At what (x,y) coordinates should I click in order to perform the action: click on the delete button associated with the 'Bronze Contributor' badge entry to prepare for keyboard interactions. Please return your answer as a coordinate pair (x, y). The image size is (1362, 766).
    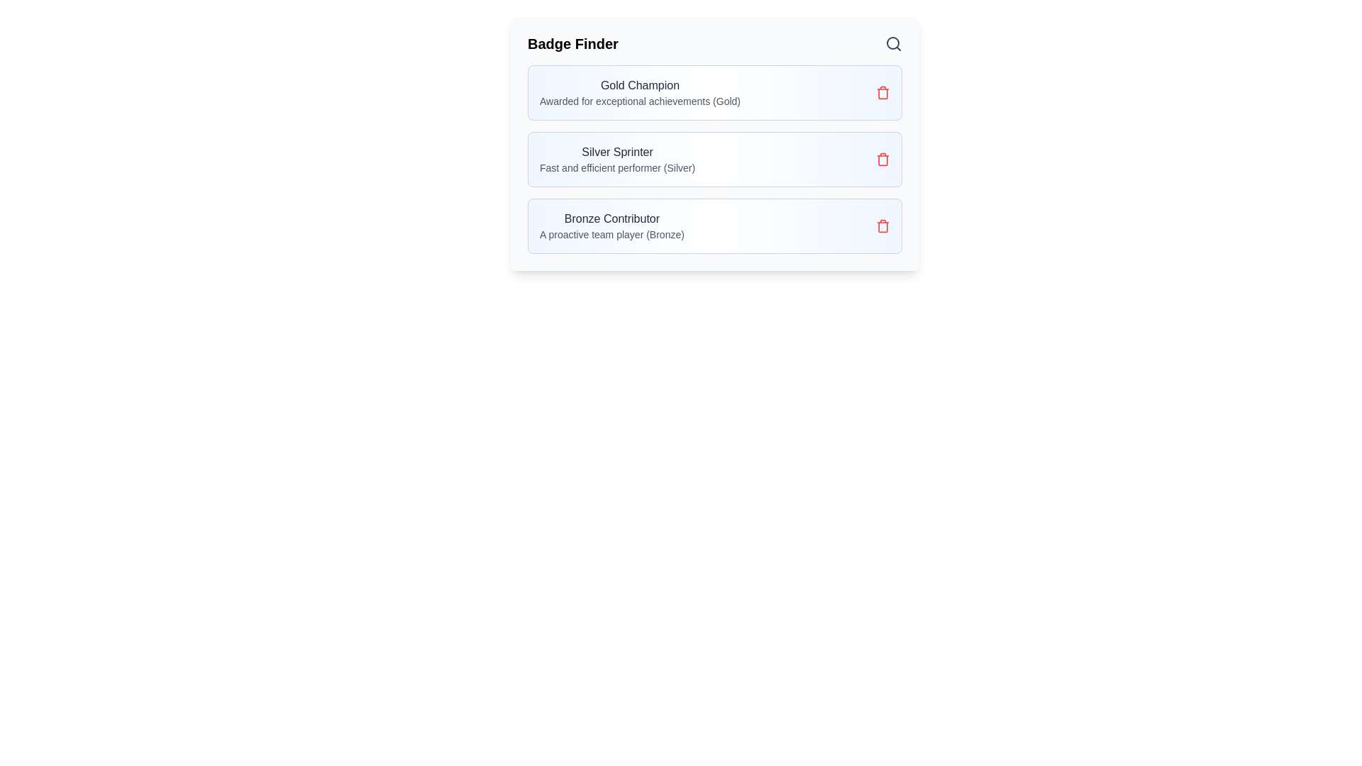
    Looking at the image, I should click on (882, 226).